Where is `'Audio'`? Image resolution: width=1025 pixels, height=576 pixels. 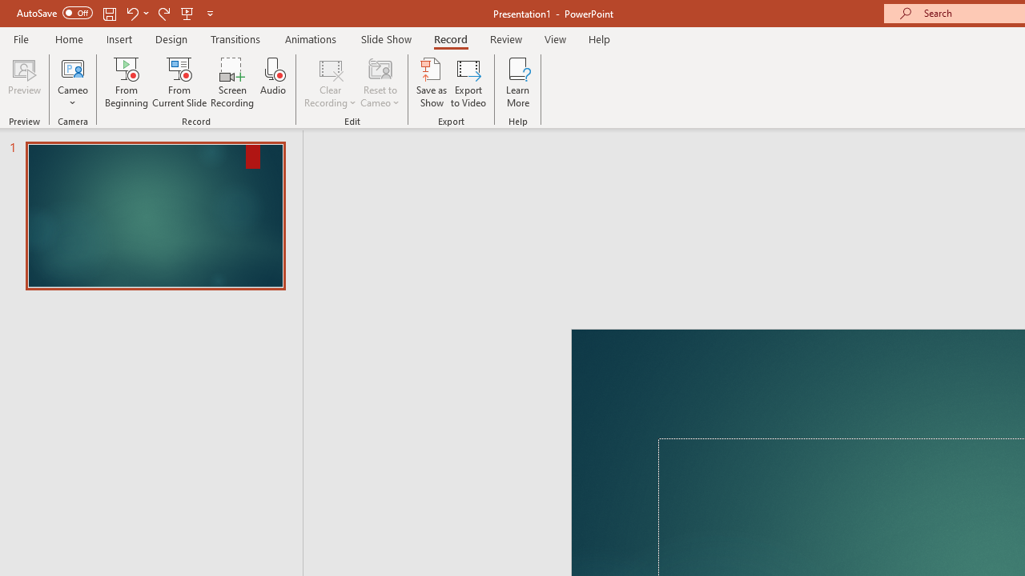 'Audio' is located at coordinates (273, 82).